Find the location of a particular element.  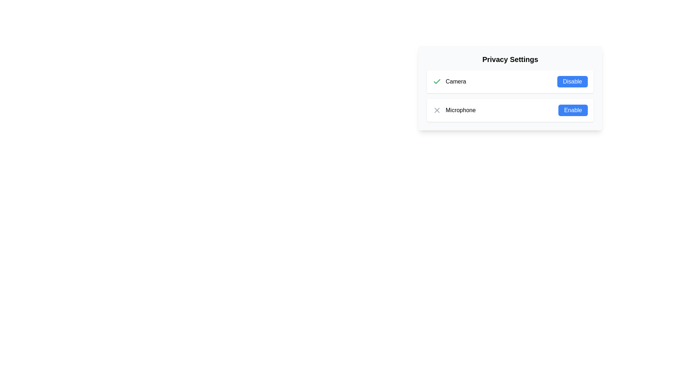

the microphone icon that represents the disabled state for the microphone feature, located to the left of the 'Microphone' text is located at coordinates (437, 110).